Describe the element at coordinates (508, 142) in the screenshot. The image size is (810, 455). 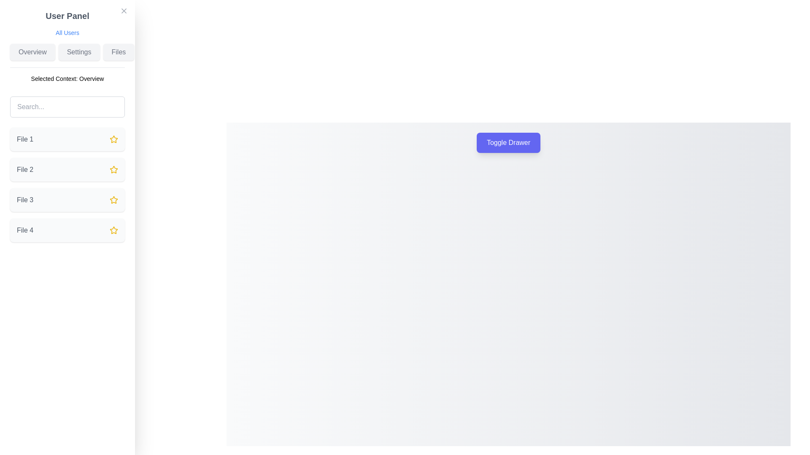
I see `the 'Toggle Drawer' button with a purple background and white text for keyboard interactions` at that location.